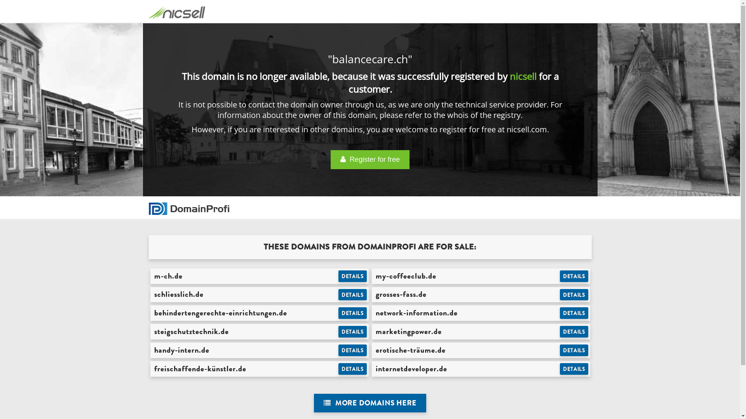 The image size is (746, 419). Describe the element at coordinates (574, 276) in the screenshot. I see `'DETAILS'` at that location.